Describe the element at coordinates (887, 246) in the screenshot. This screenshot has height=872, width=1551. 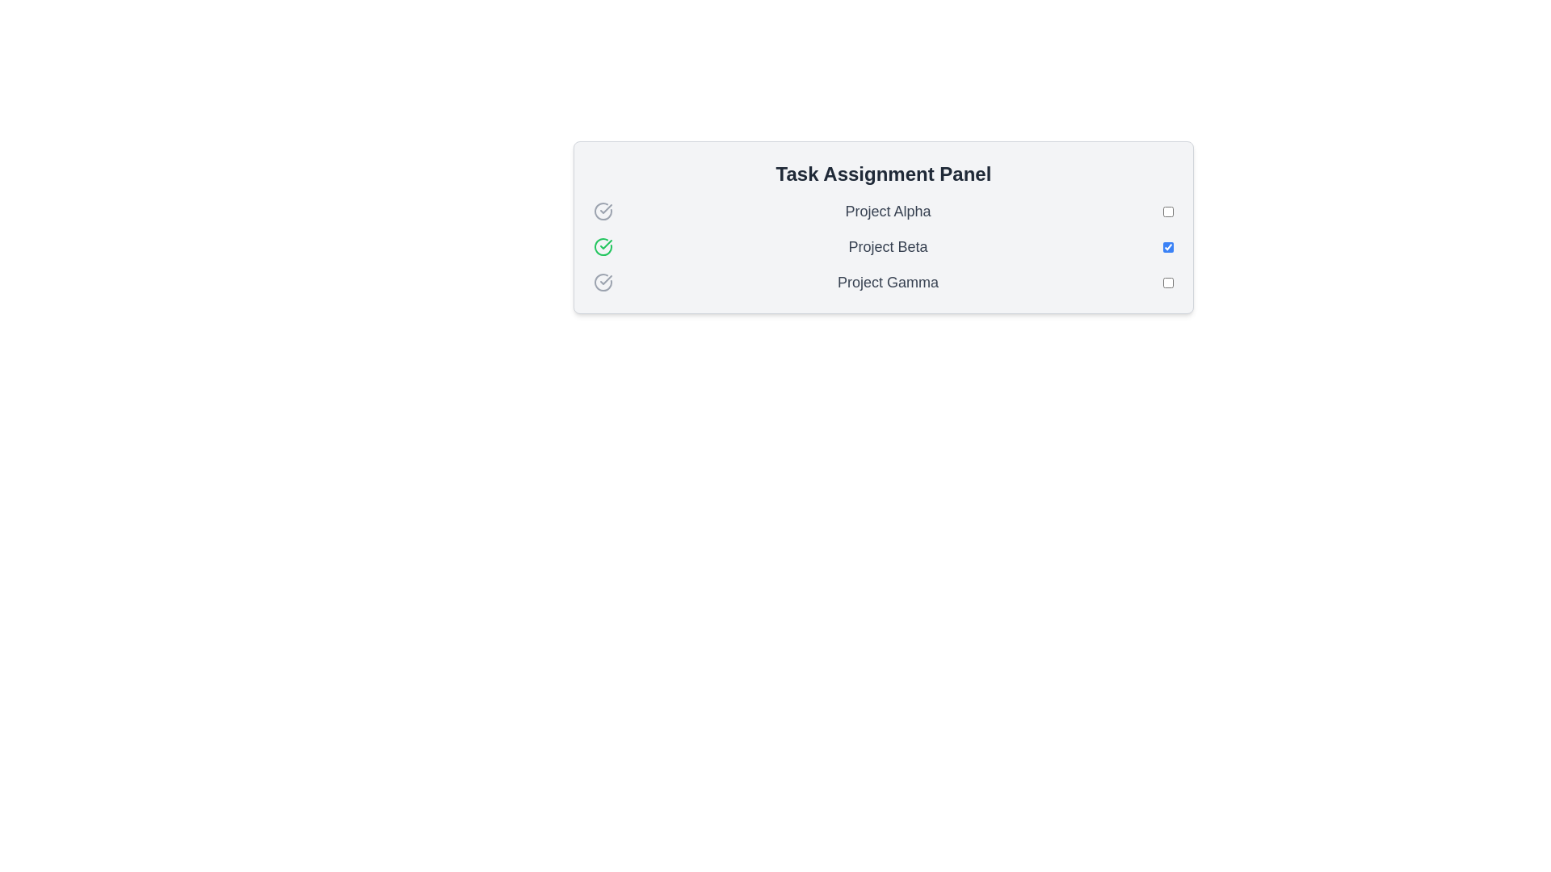
I see `the text label element displaying 'Project Beta'` at that location.